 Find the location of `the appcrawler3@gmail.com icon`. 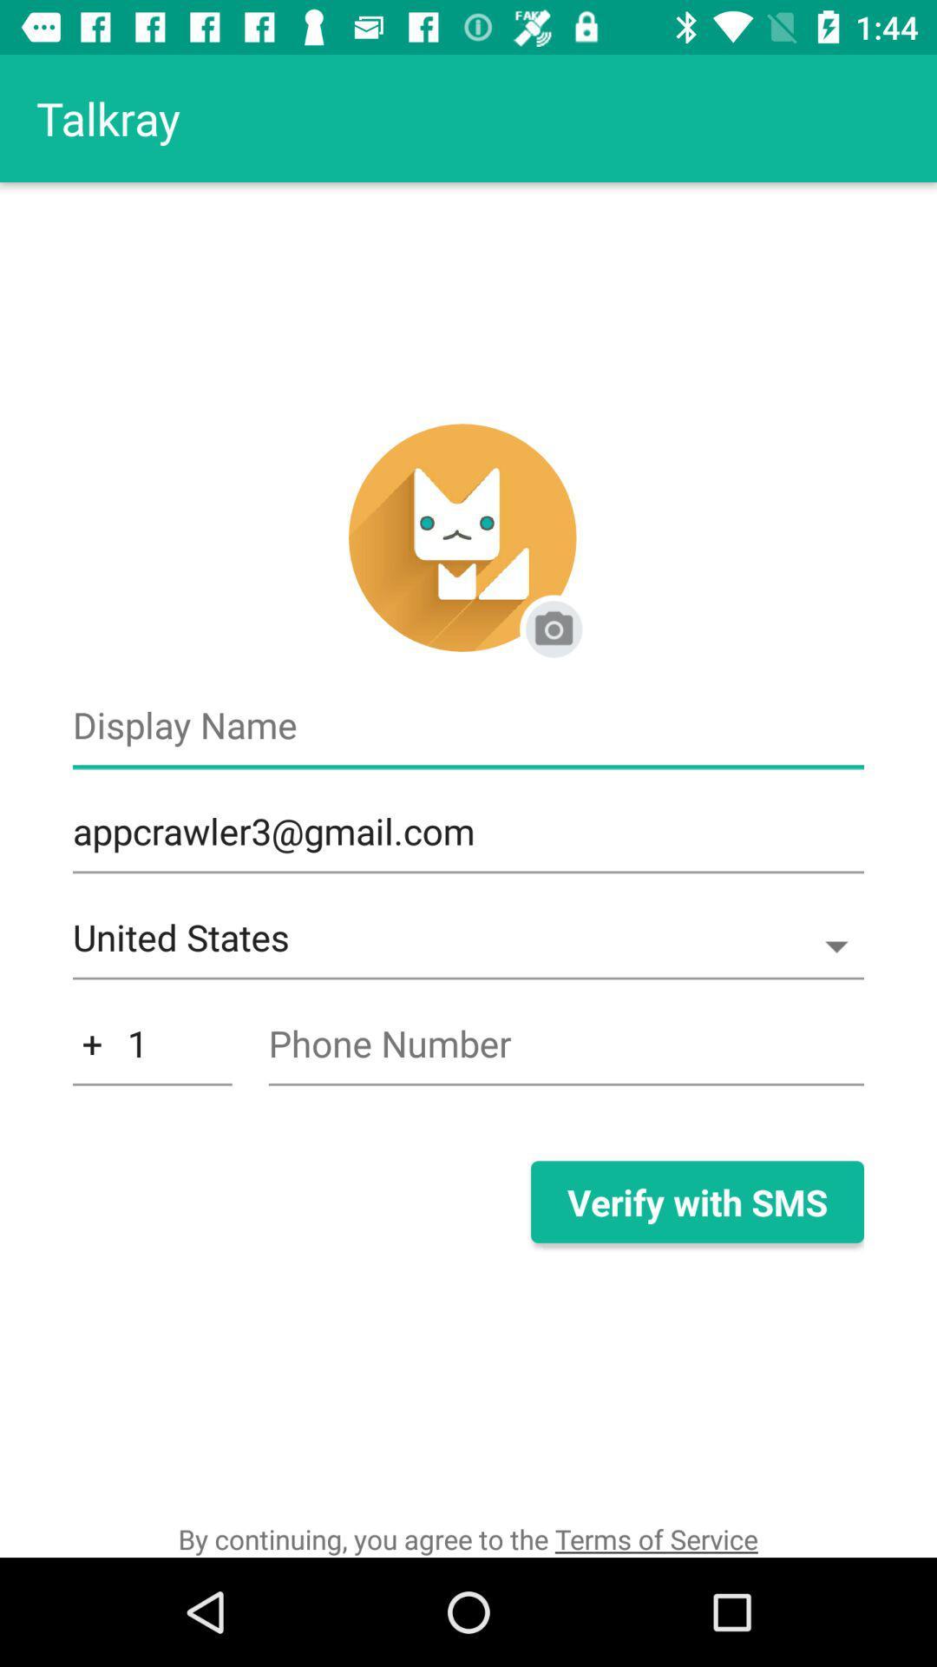

the appcrawler3@gmail.com icon is located at coordinates (468, 840).